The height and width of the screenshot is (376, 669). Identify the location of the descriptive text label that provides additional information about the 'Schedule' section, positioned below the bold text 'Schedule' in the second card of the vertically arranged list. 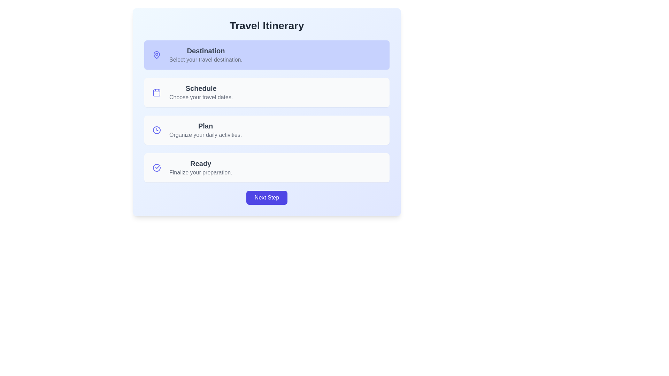
(201, 97).